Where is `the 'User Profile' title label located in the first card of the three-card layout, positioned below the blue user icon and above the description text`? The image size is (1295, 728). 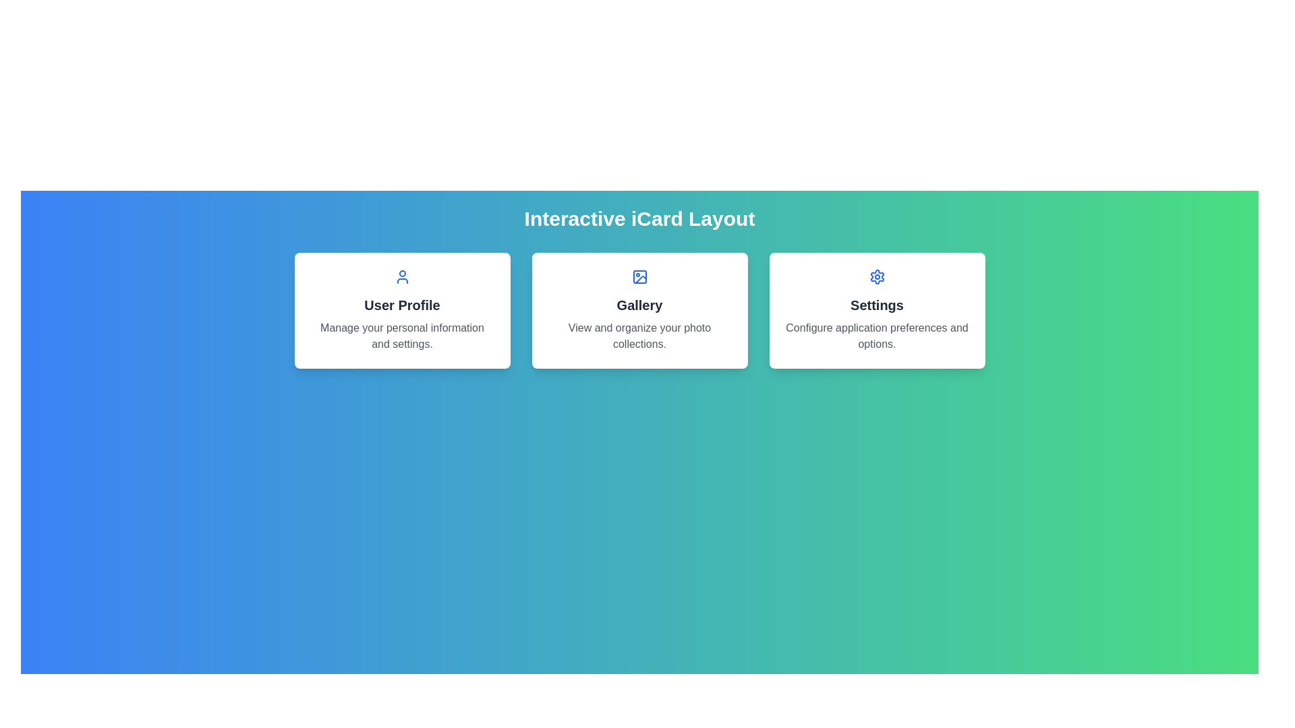 the 'User Profile' title label located in the first card of the three-card layout, positioned below the blue user icon and above the description text is located at coordinates (401, 305).